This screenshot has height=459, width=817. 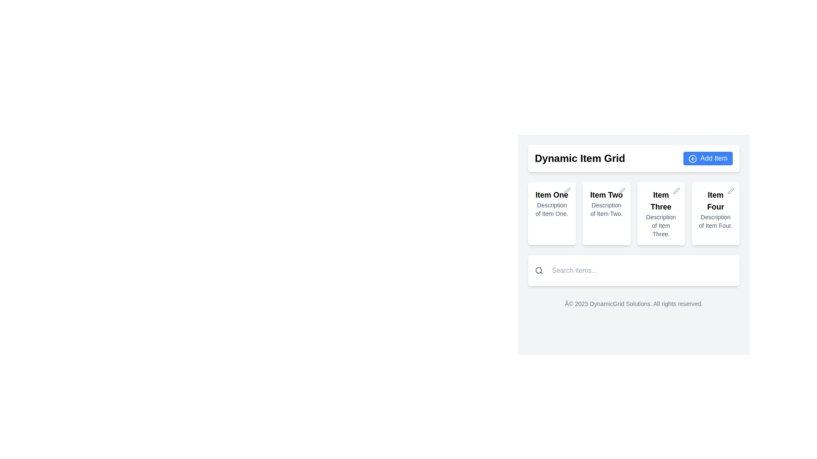 I want to click on title text of the second card in the 'Dynamic Item Grid' section, which is positioned above the description text 'Description of Item Two.', so click(x=606, y=195).